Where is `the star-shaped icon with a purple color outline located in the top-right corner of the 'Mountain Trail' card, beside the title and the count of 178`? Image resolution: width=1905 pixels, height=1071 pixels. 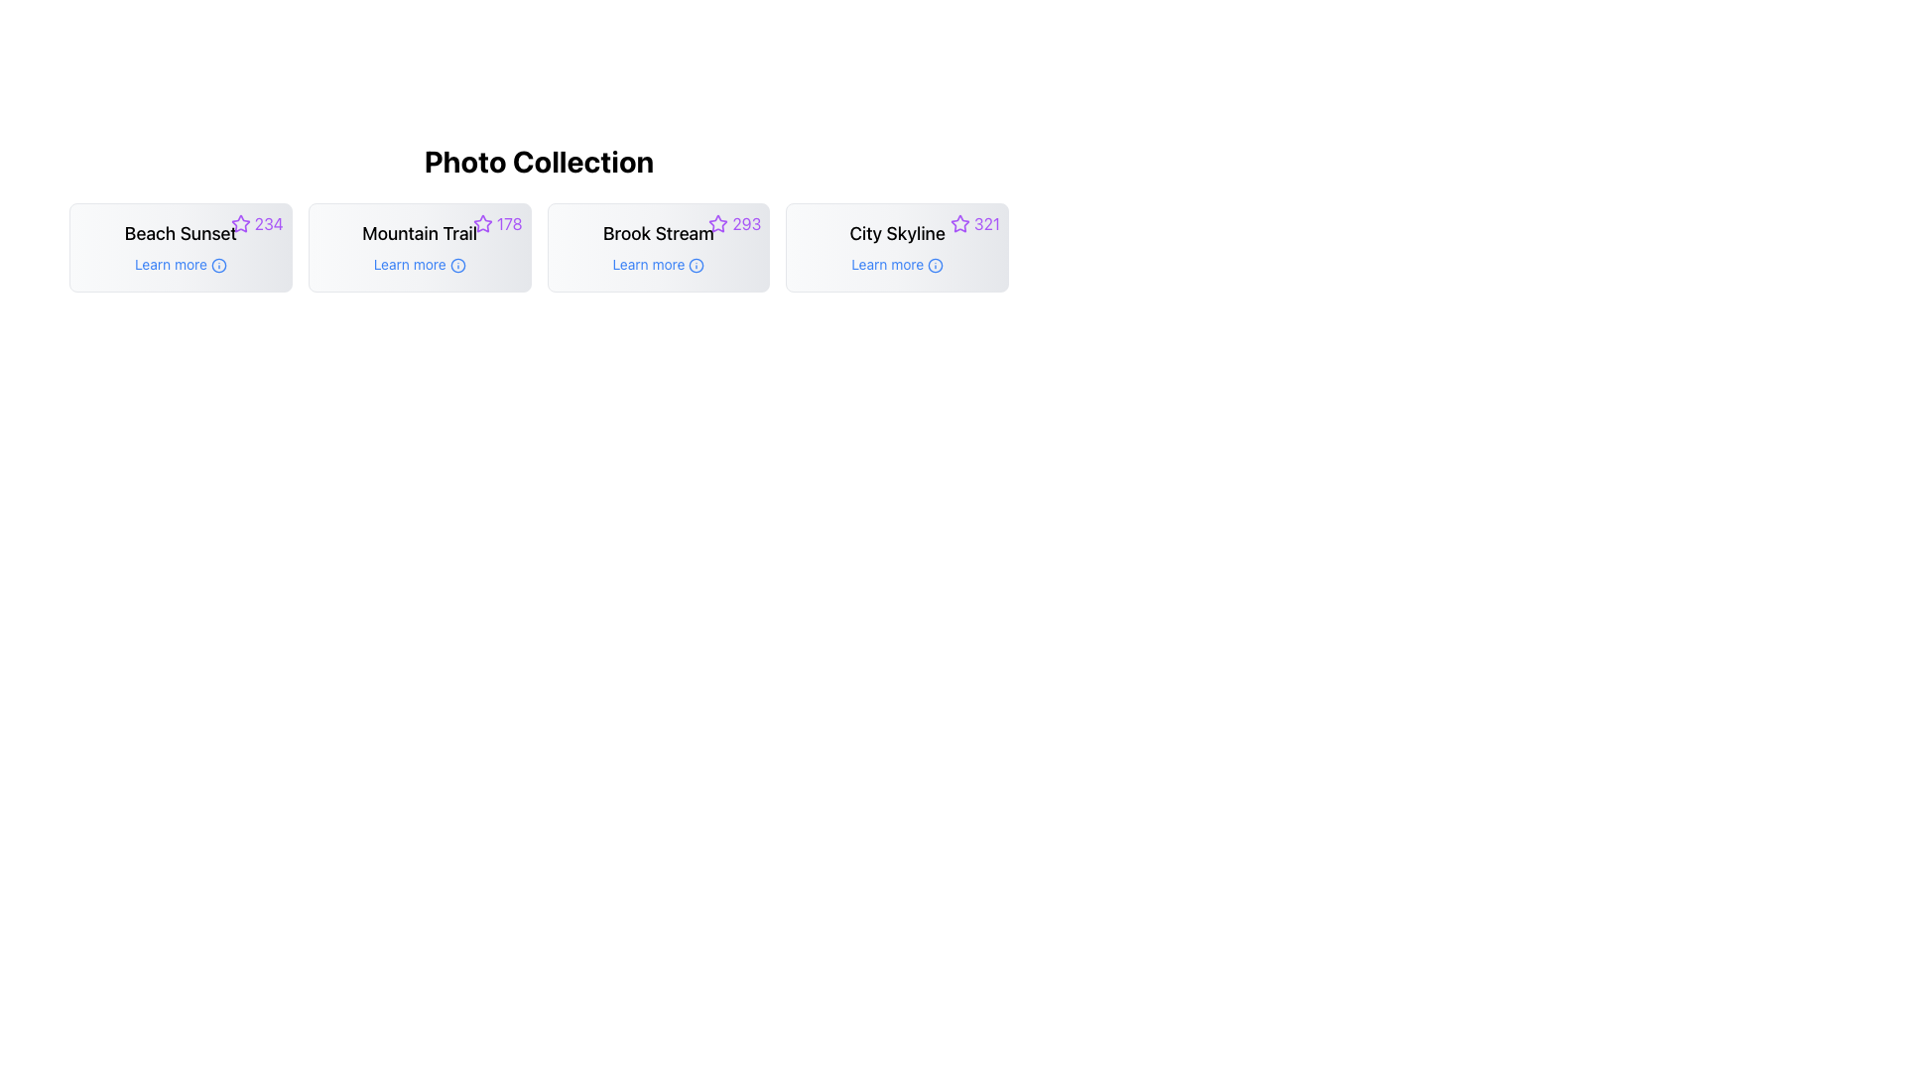 the star-shaped icon with a purple color outline located in the top-right corner of the 'Mountain Trail' card, beside the title and the count of 178 is located at coordinates (482, 223).